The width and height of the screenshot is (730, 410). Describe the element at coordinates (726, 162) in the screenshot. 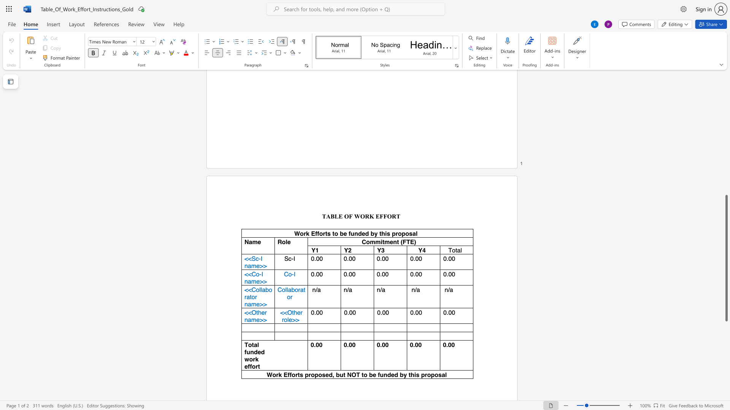

I see `the scrollbar on the right side to scroll the page up` at that location.